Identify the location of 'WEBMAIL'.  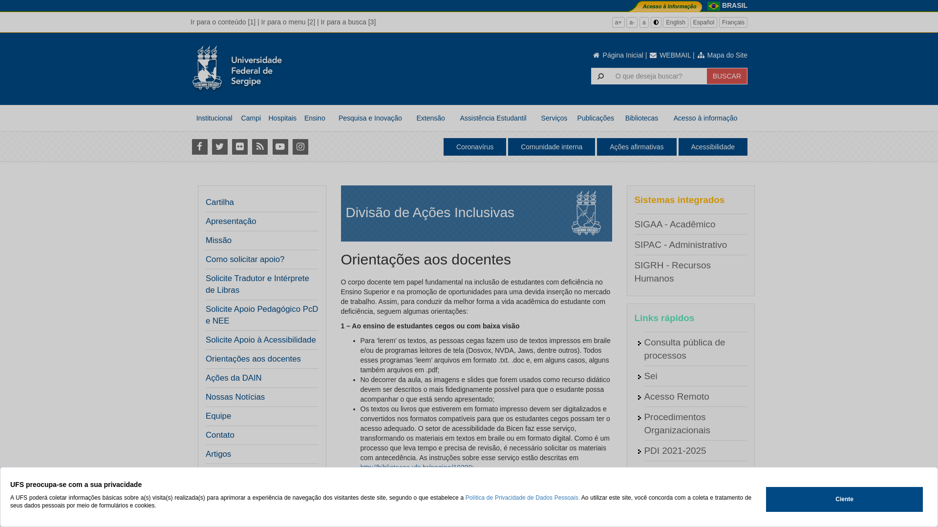
(649, 55).